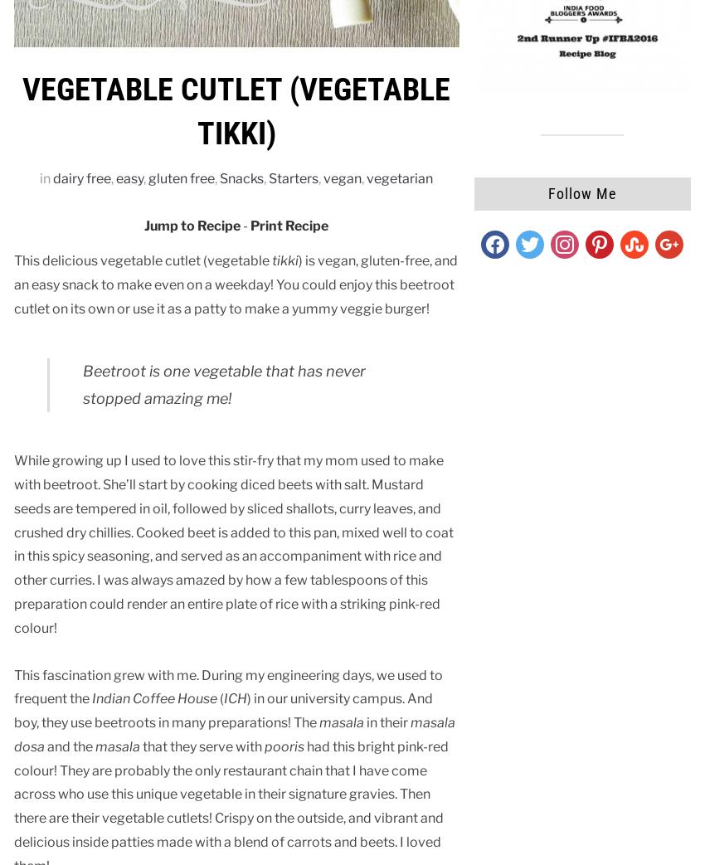 This screenshot has height=865, width=705. What do you see at coordinates (581, 192) in the screenshot?
I see `'Follow me'` at bounding box center [581, 192].